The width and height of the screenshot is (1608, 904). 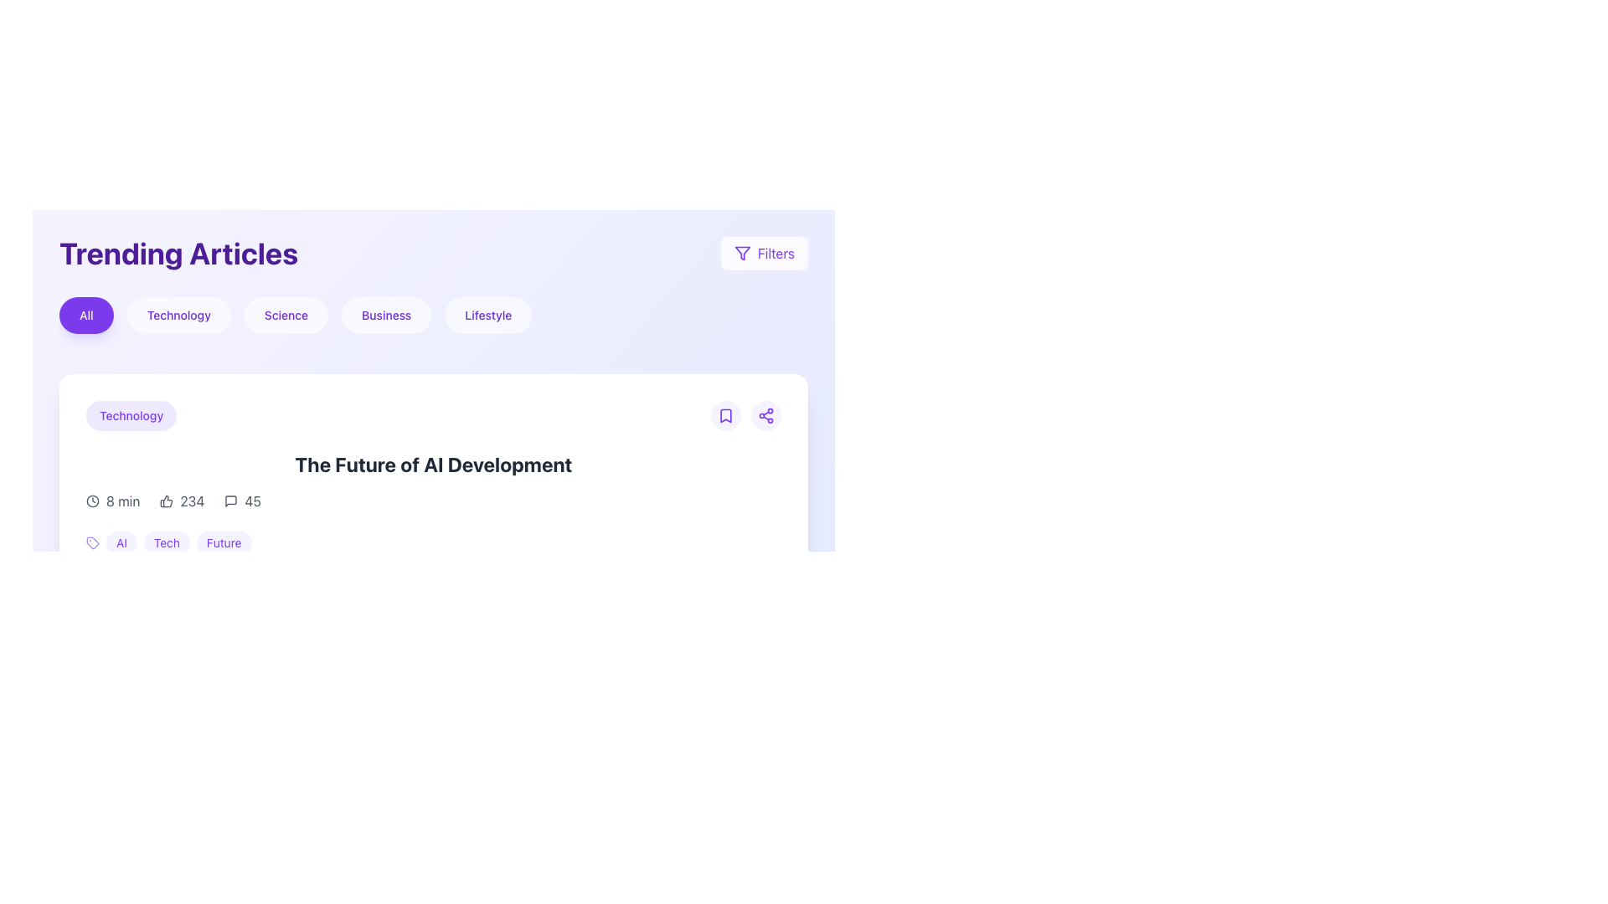 What do you see at coordinates (726, 415) in the screenshot?
I see `the Bookmark icon located to the right of the article titled 'The Future of AI Development' to bookmark the article` at bounding box center [726, 415].